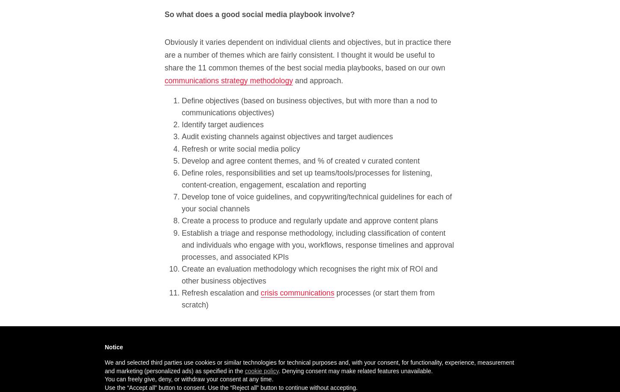  Describe the element at coordinates (309, 275) in the screenshot. I see `'Create an evaluation methodology which recognises the right mix of ROI and other business objectives'` at that location.